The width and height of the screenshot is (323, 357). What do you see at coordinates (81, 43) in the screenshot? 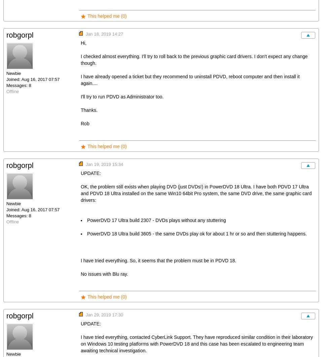
I see `'Hi,'` at bounding box center [81, 43].